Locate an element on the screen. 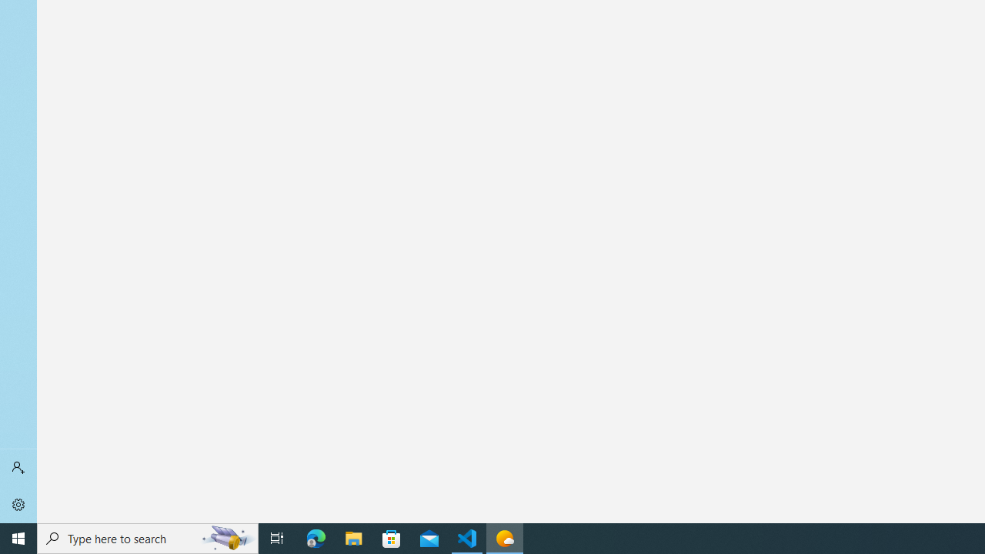 This screenshot has width=985, height=554. 'Microsoft Edge' is located at coordinates (316, 537).